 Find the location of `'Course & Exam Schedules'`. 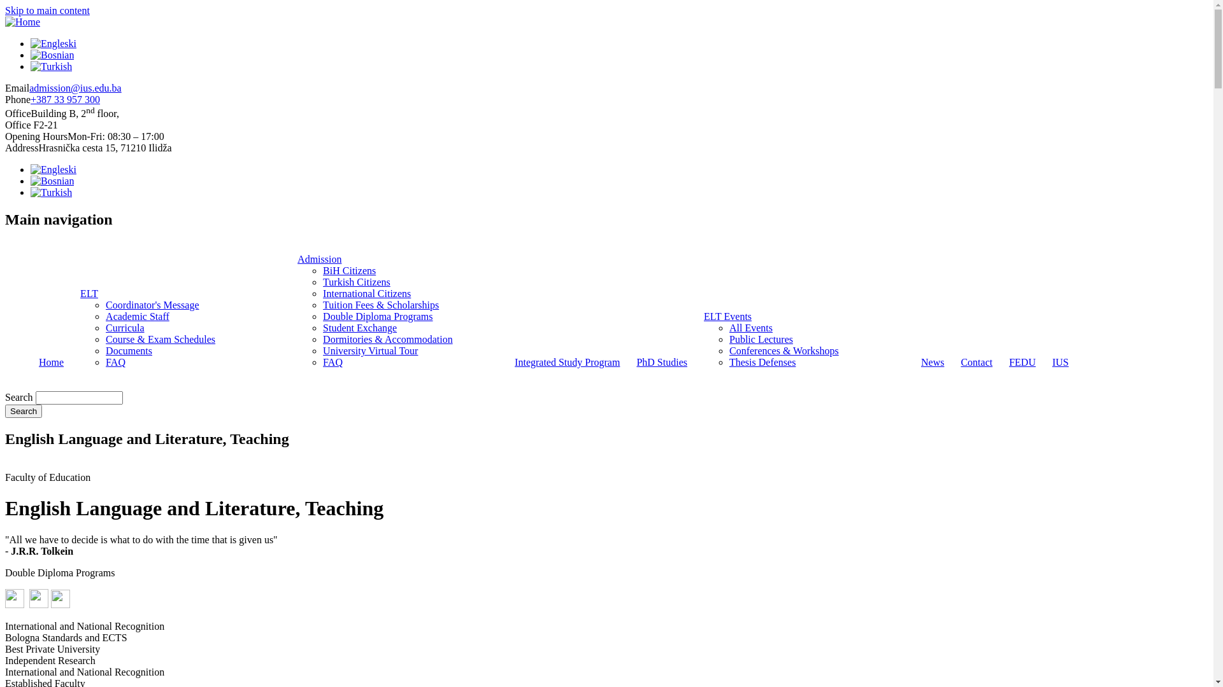

'Course & Exam Schedules' is located at coordinates (160, 338).